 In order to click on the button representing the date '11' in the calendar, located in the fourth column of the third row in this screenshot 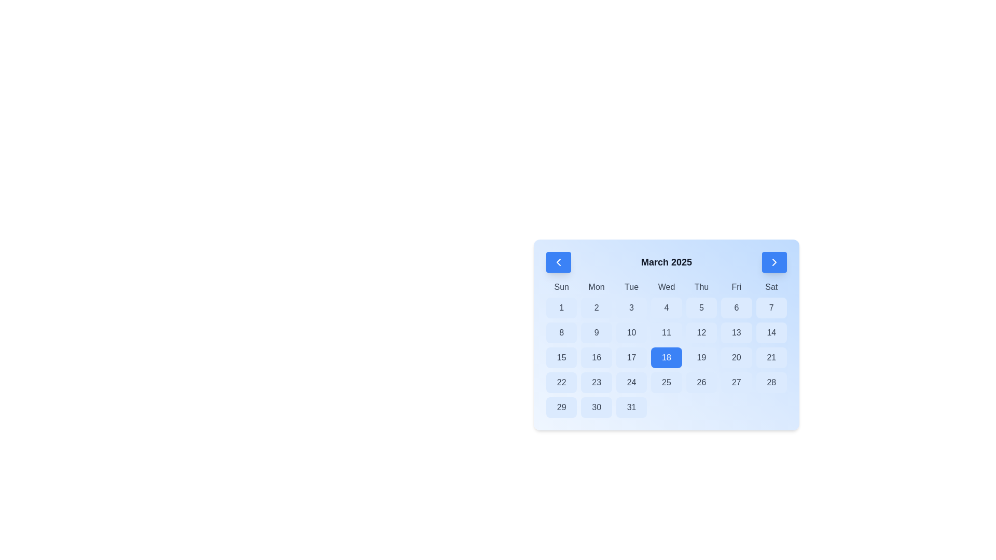, I will do `click(667, 332)`.